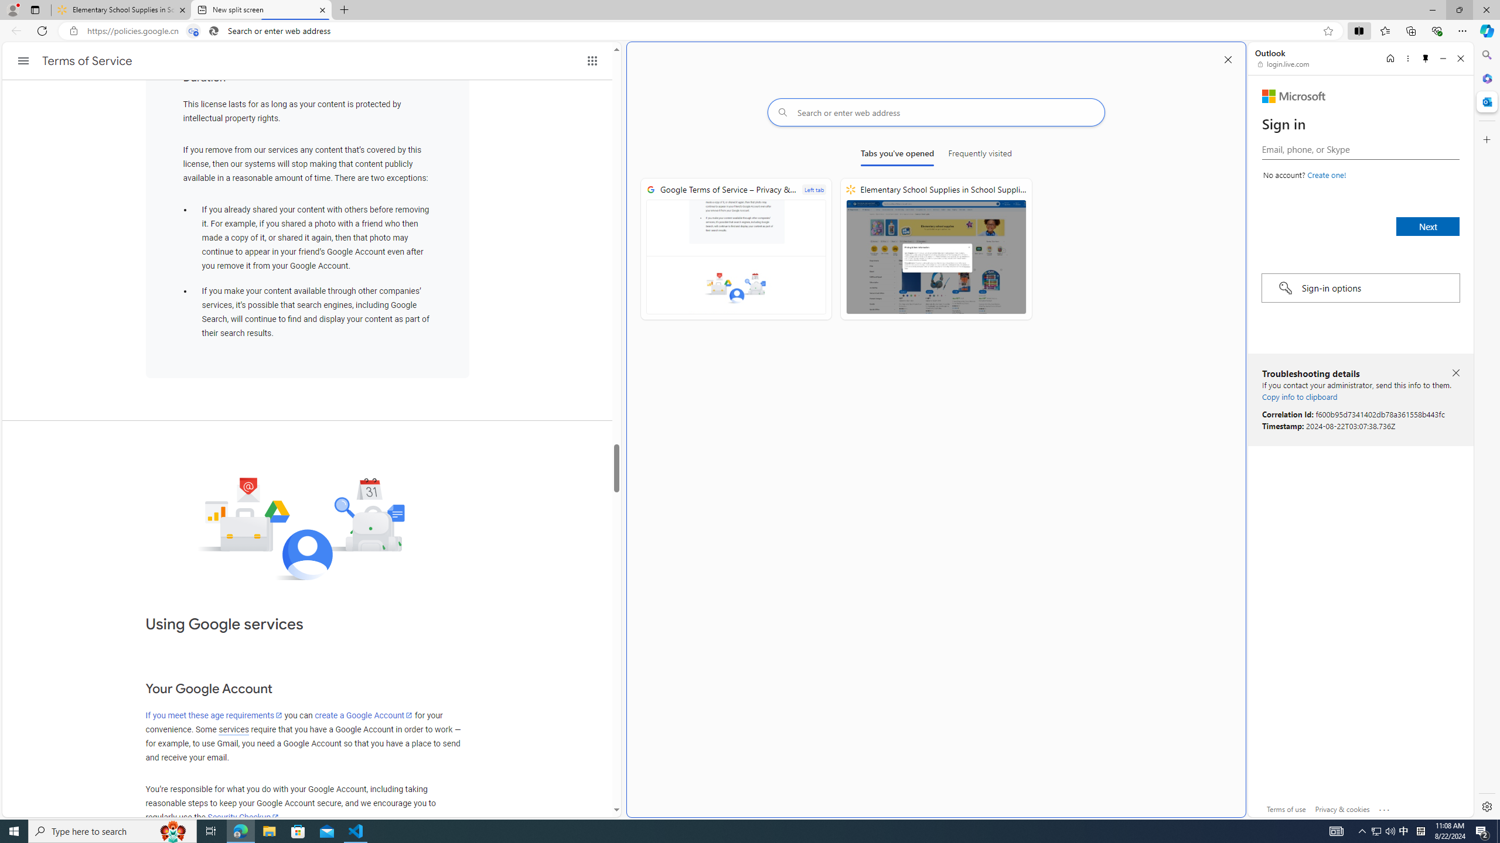  Describe the element at coordinates (1389, 58) in the screenshot. I see `'Home'` at that location.